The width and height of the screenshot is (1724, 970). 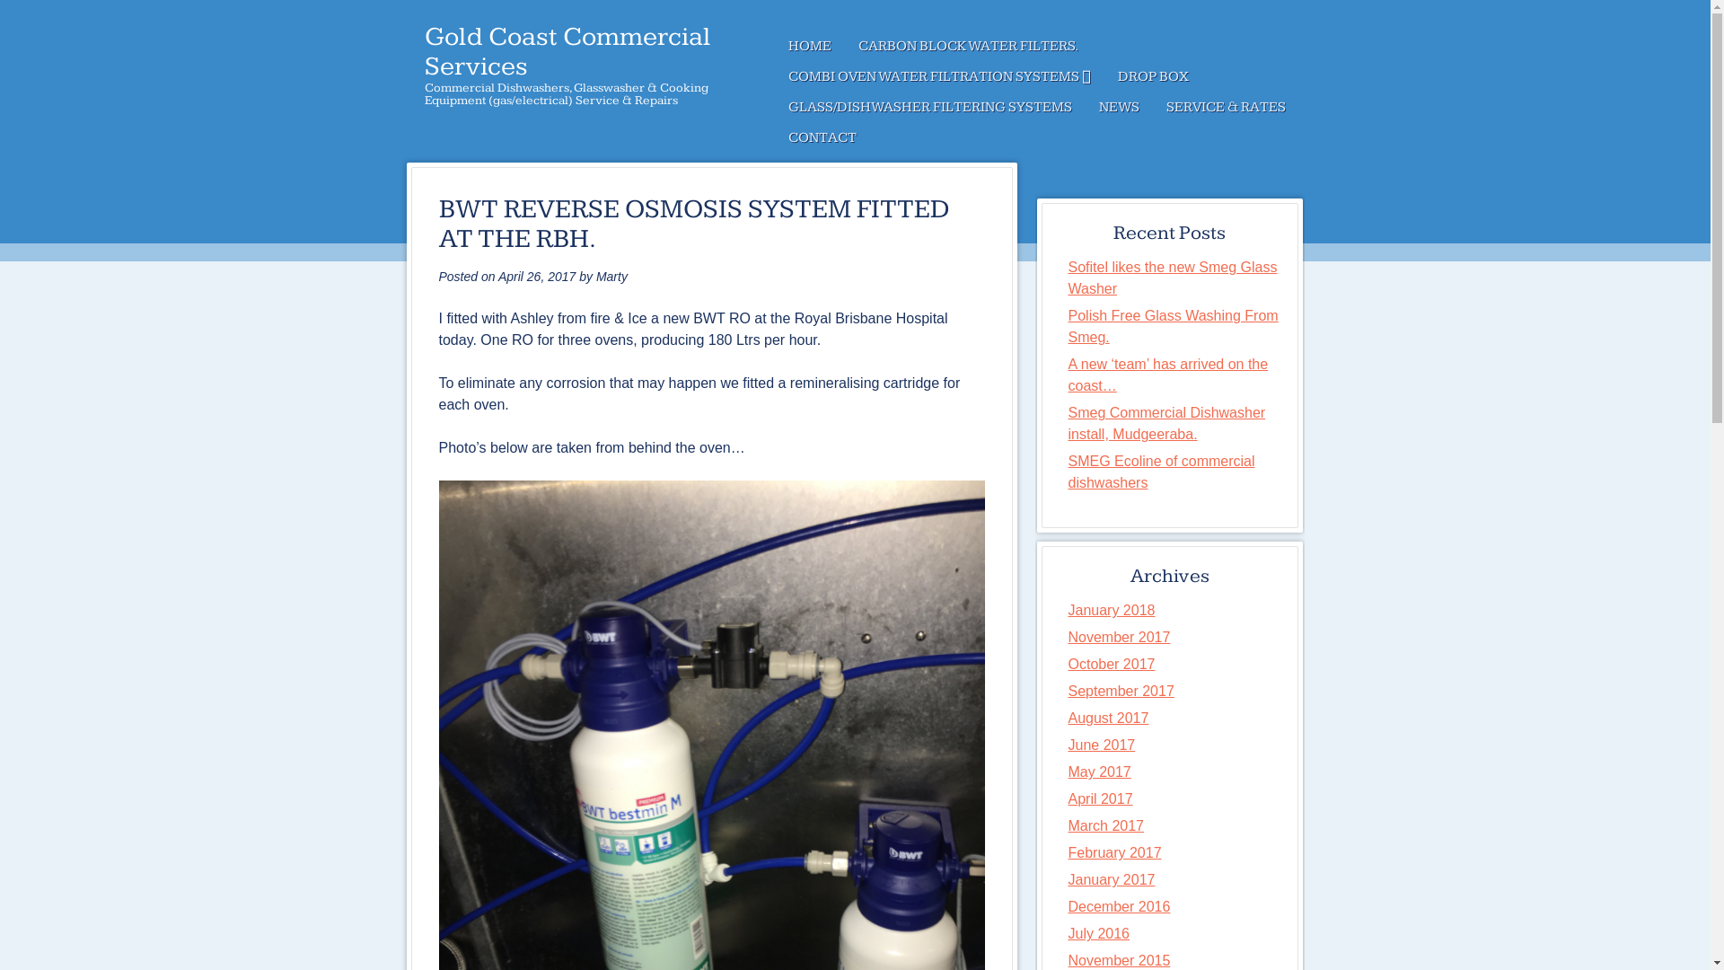 I want to click on 'October 2017', so click(x=1069, y=664).